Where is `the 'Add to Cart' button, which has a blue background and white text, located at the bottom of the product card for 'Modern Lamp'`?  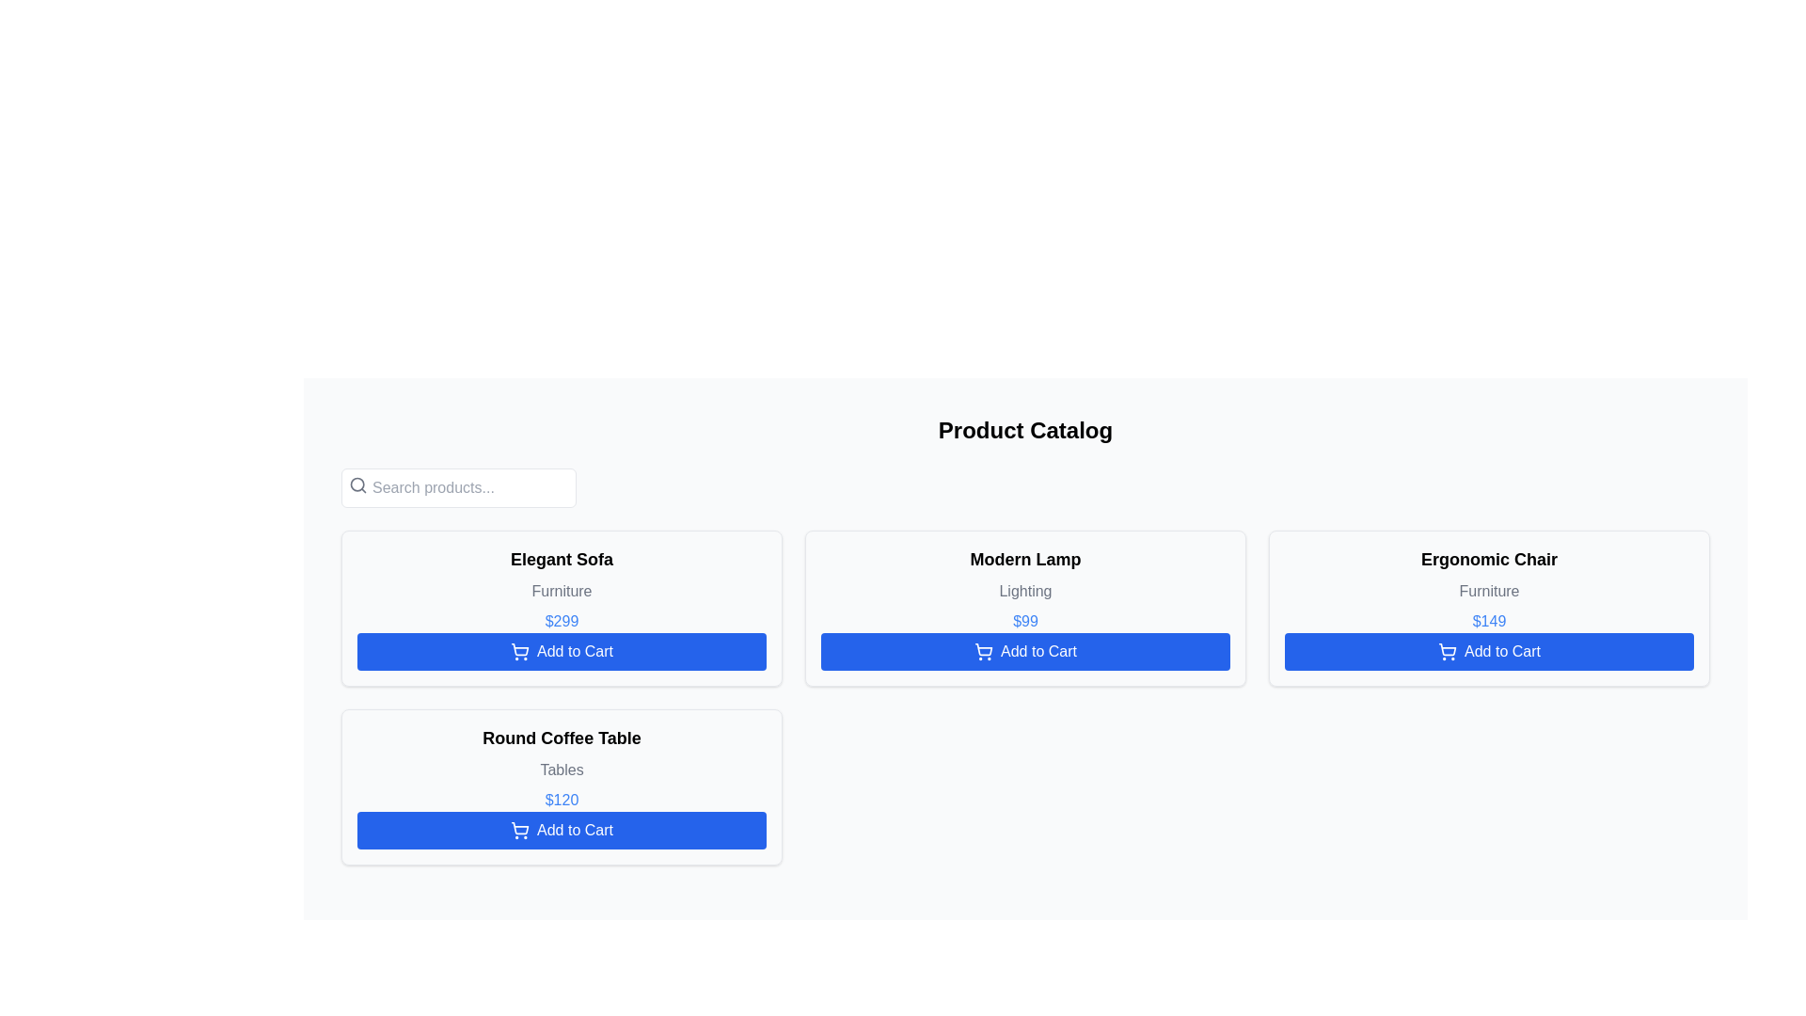
the 'Add to Cart' button, which has a blue background and white text, located at the bottom of the product card for 'Modern Lamp' is located at coordinates (1024, 651).